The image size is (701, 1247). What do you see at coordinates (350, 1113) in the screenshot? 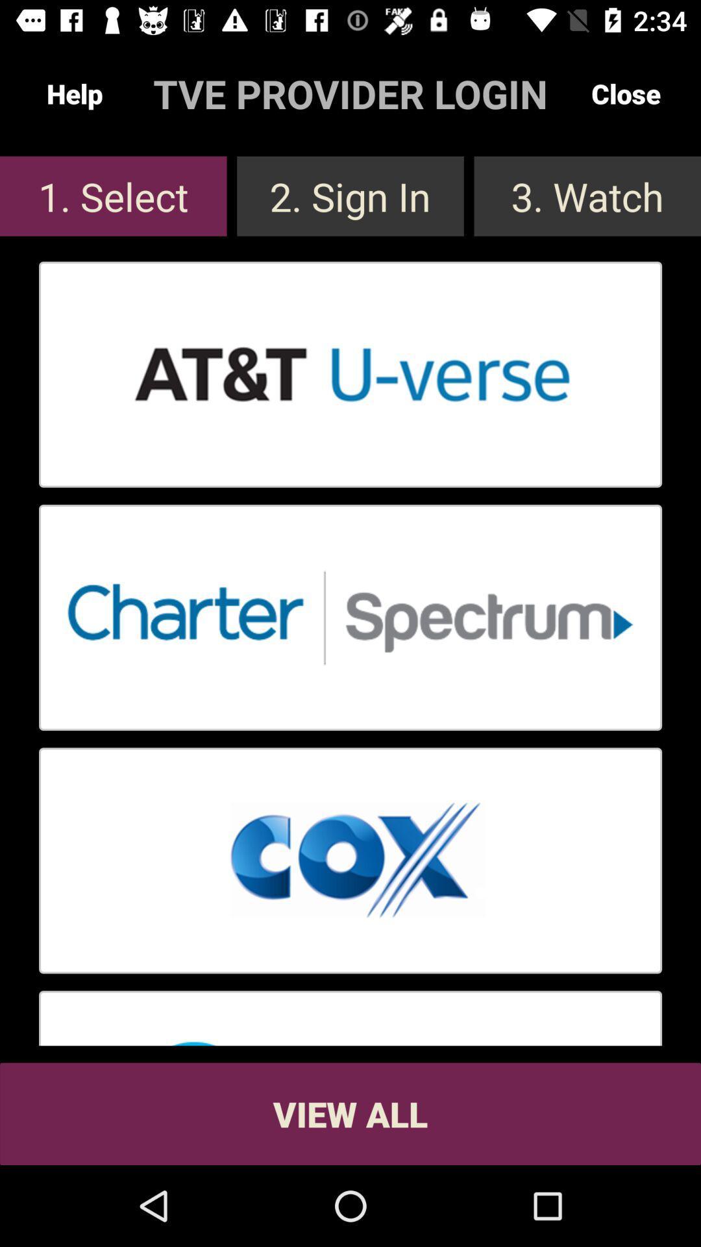
I see `the view all icon` at bounding box center [350, 1113].